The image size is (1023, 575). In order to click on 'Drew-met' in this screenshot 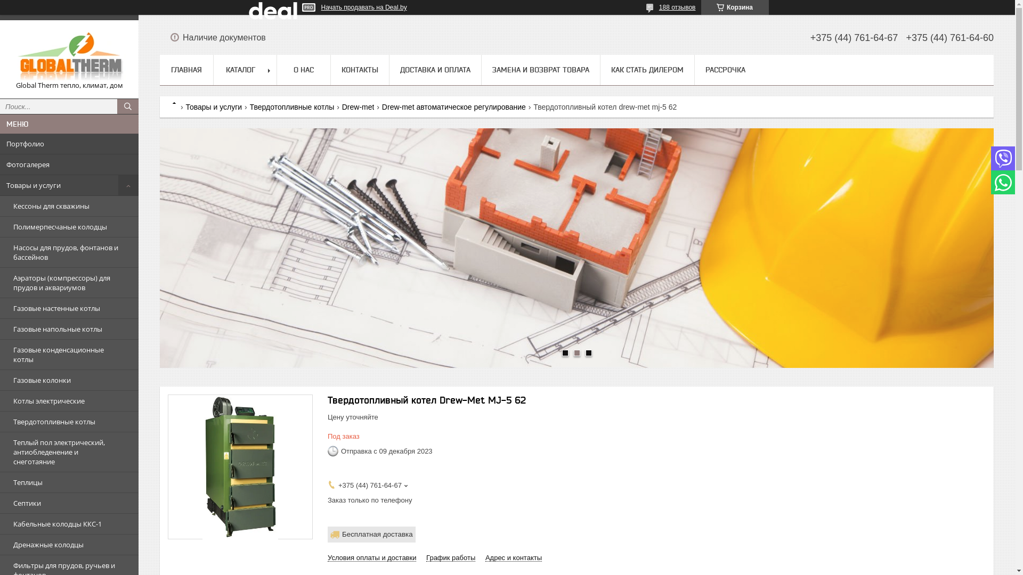, I will do `click(358, 106)`.